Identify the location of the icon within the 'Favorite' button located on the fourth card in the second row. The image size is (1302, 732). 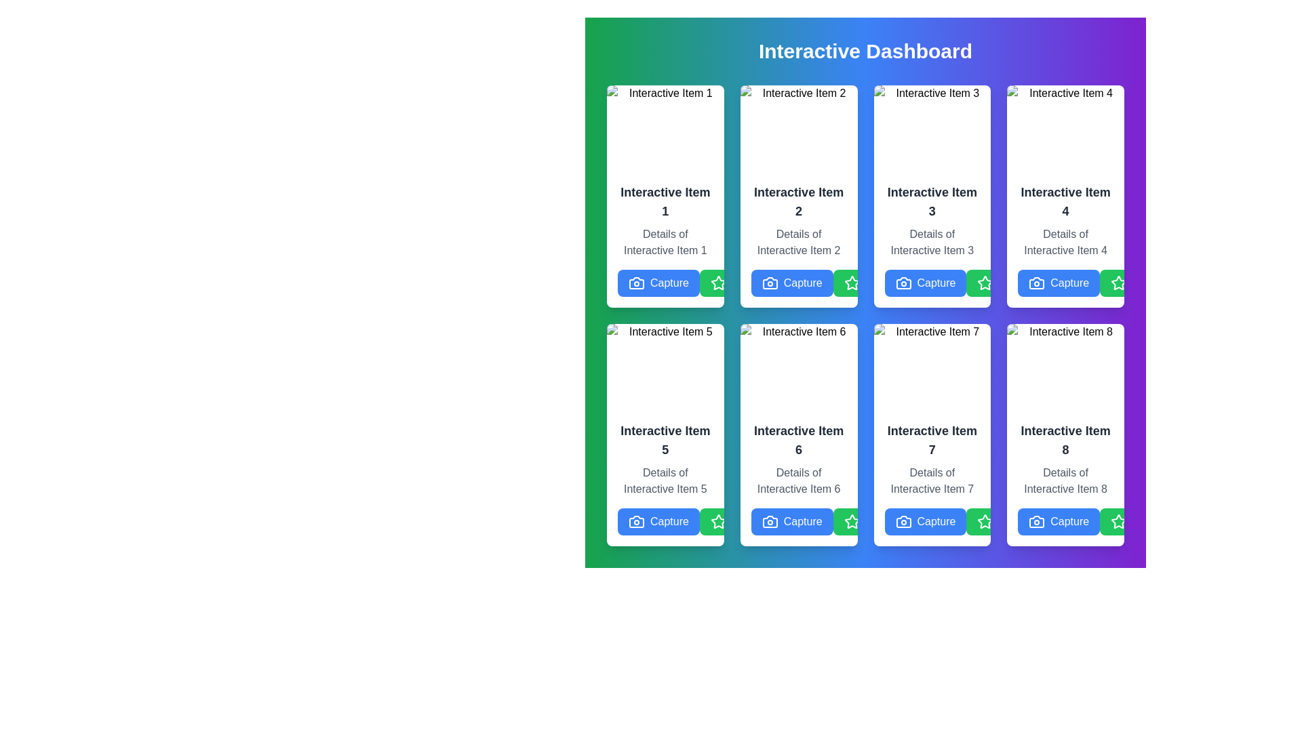
(1119, 282).